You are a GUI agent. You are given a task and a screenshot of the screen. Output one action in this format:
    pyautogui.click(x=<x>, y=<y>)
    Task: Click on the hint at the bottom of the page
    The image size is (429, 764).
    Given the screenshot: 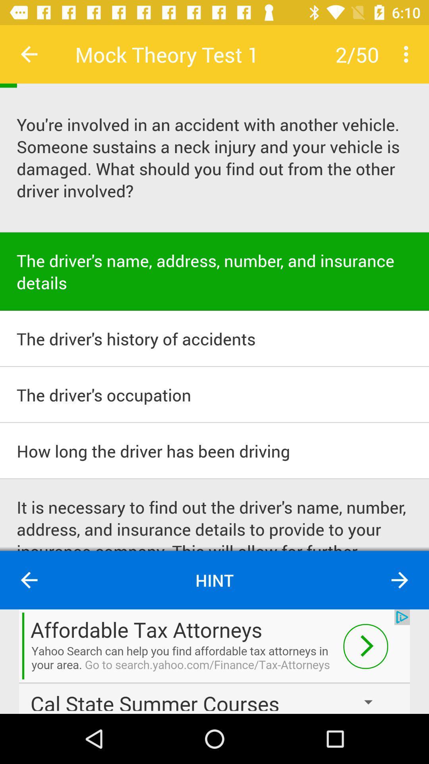 What is the action you would take?
    pyautogui.click(x=214, y=580)
    